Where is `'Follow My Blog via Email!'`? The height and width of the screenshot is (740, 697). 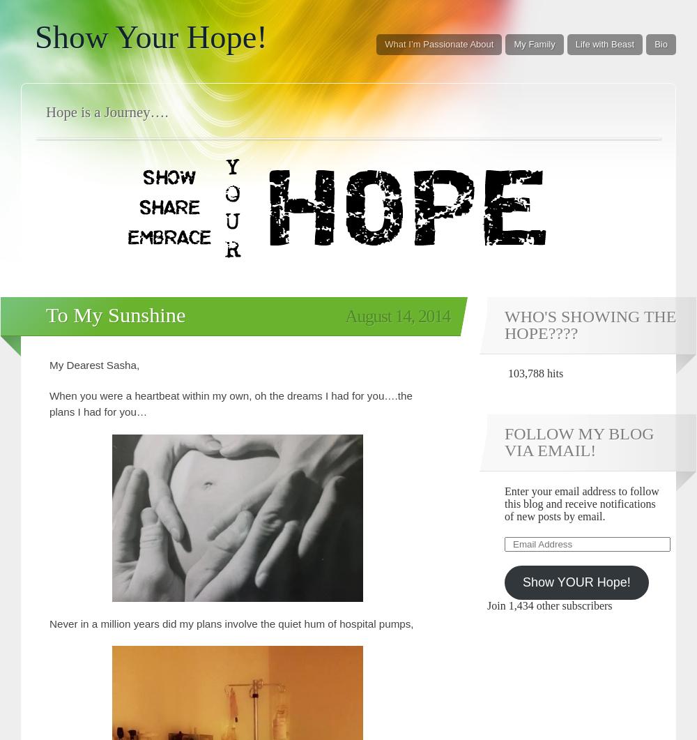 'Follow My Blog via Email!' is located at coordinates (579, 440).